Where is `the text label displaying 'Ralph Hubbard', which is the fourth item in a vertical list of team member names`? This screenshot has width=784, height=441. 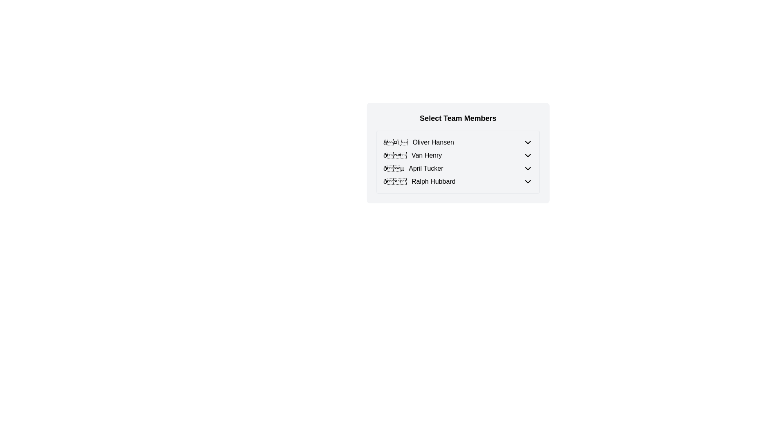 the text label displaying 'Ralph Hubbard', which is the fourth item in a vertical list of team member names is located at coordinates (433, 181).